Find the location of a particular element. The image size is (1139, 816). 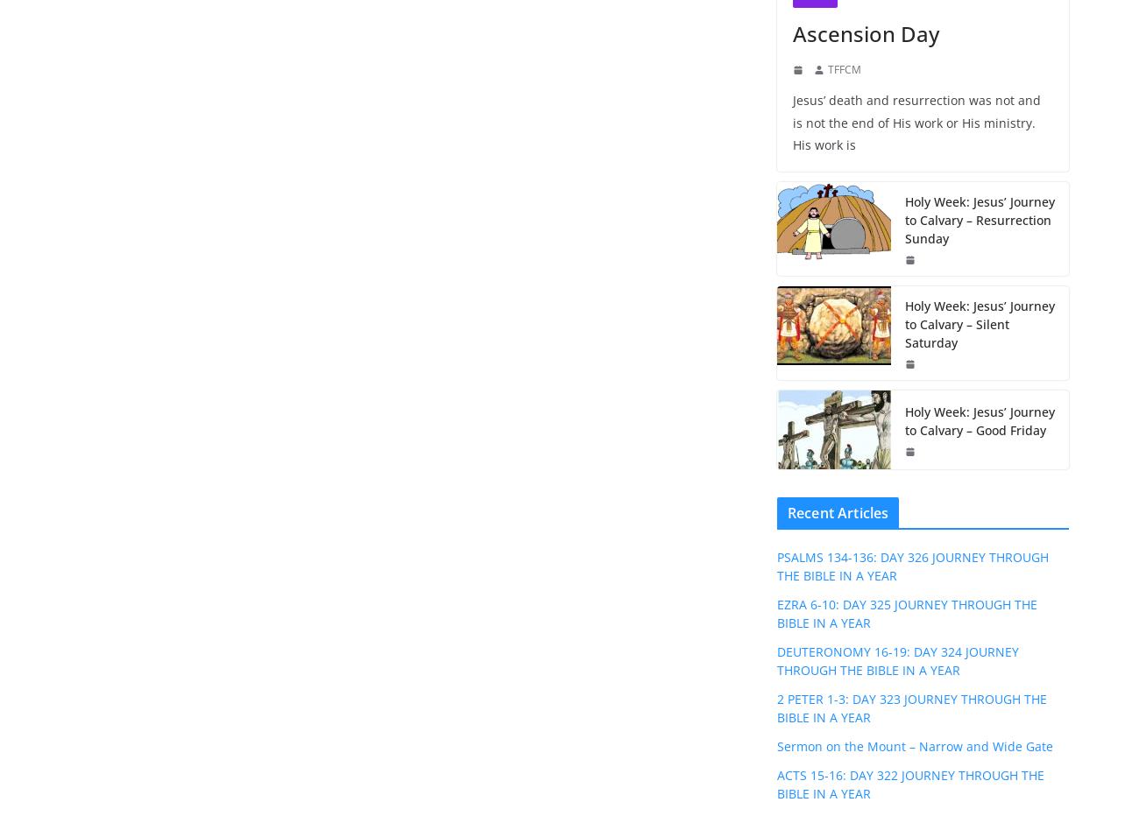

'Jesus’ death and resurrection was not and is not the end of His work or His ministry. His work is' is located at coordinates (792, 121).